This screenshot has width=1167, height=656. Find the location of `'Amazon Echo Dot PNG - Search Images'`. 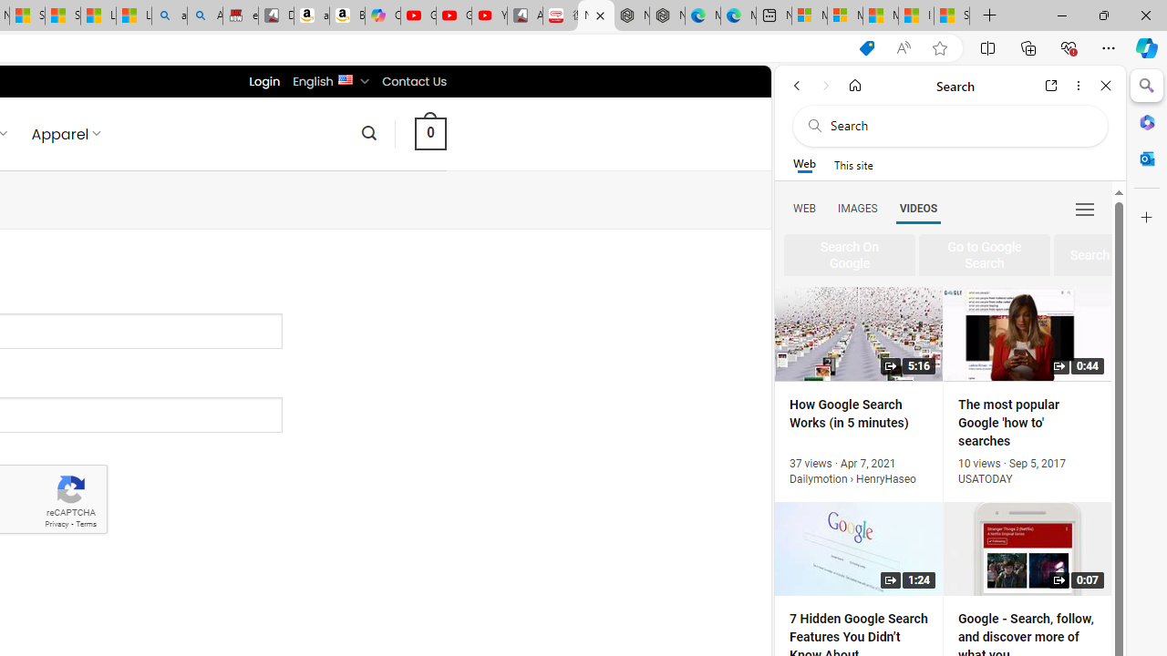

'Amazon Echo Dot PNG - Search Images' is located at coordinates (205, 15).